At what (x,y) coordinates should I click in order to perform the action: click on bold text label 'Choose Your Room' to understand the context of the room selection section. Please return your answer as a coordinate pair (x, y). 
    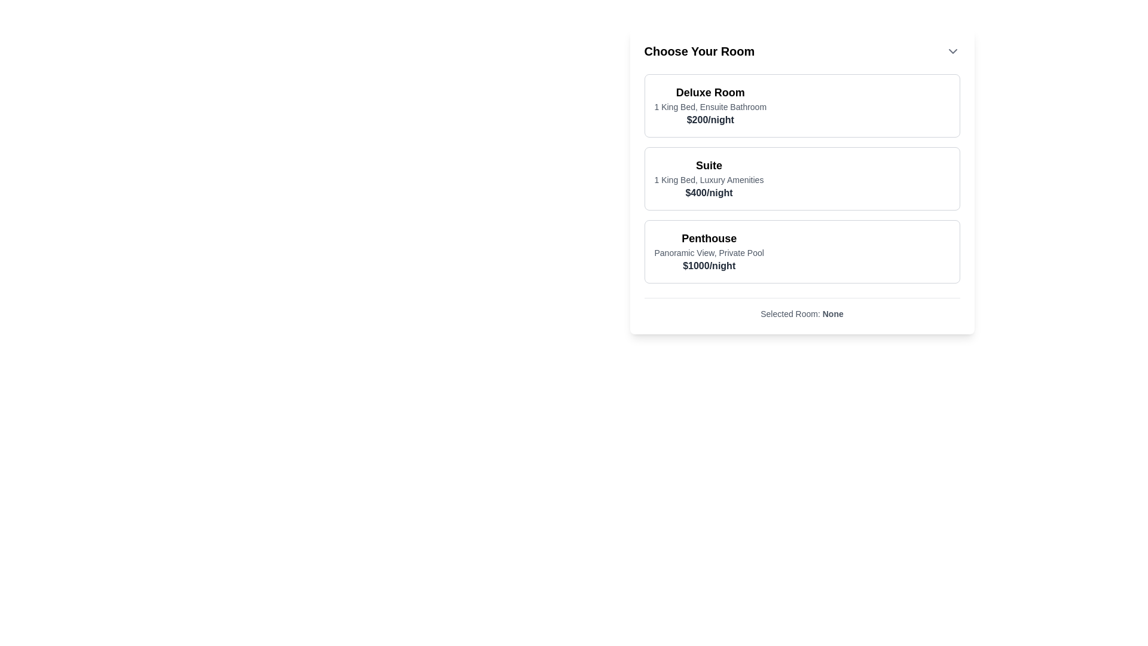
    Looking at the image, I should click on (699, 50).